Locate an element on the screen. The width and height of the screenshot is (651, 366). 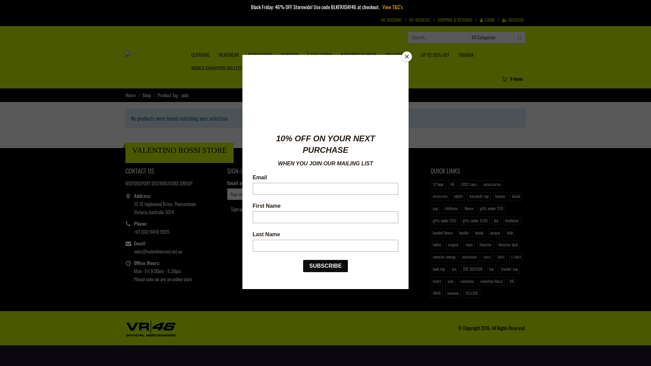
'Shop' is located at coordinates (142, 95).